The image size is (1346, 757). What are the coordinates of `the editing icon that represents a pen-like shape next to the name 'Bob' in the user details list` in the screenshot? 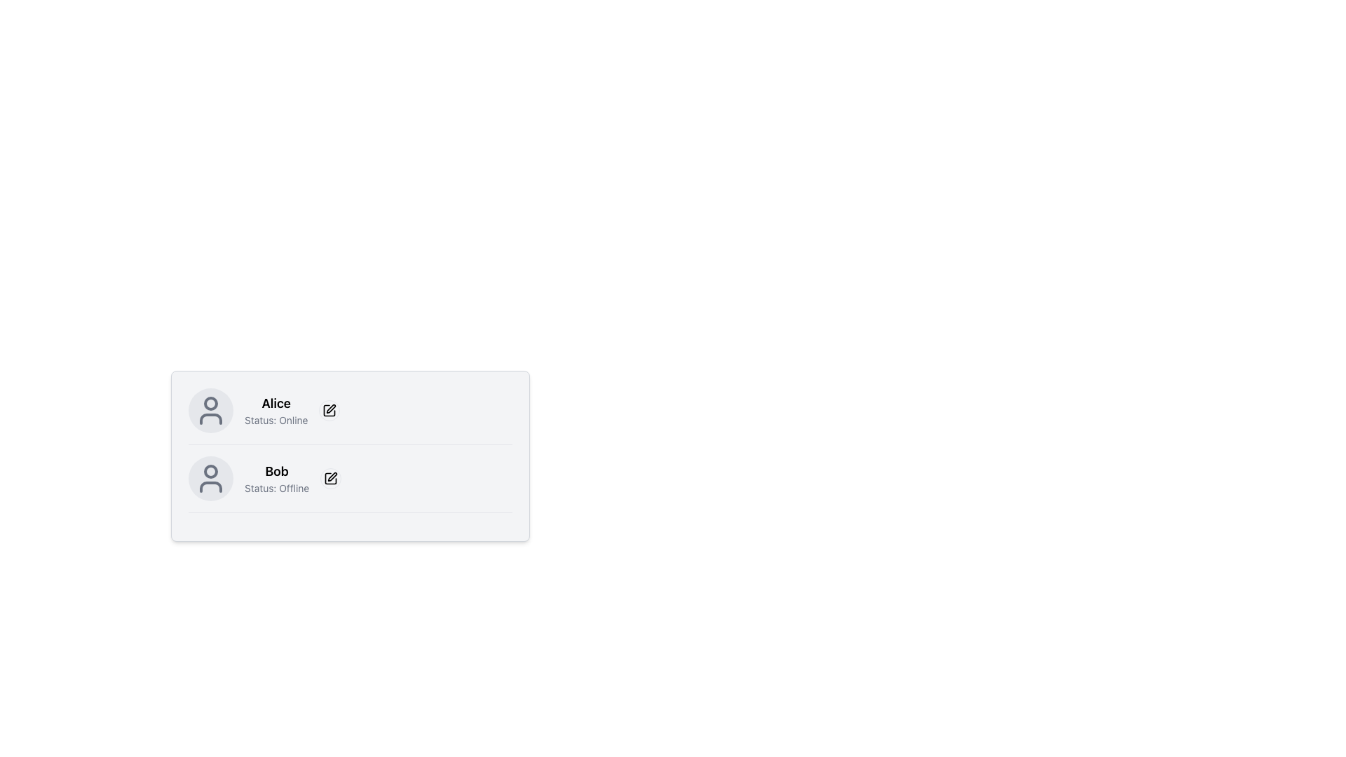 It's located at (330, 477).